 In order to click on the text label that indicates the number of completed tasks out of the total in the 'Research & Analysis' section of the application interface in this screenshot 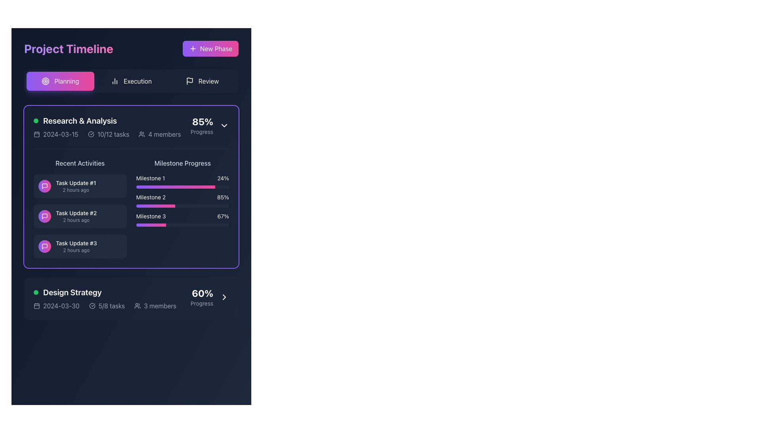, I will do `click(113, 134)`.